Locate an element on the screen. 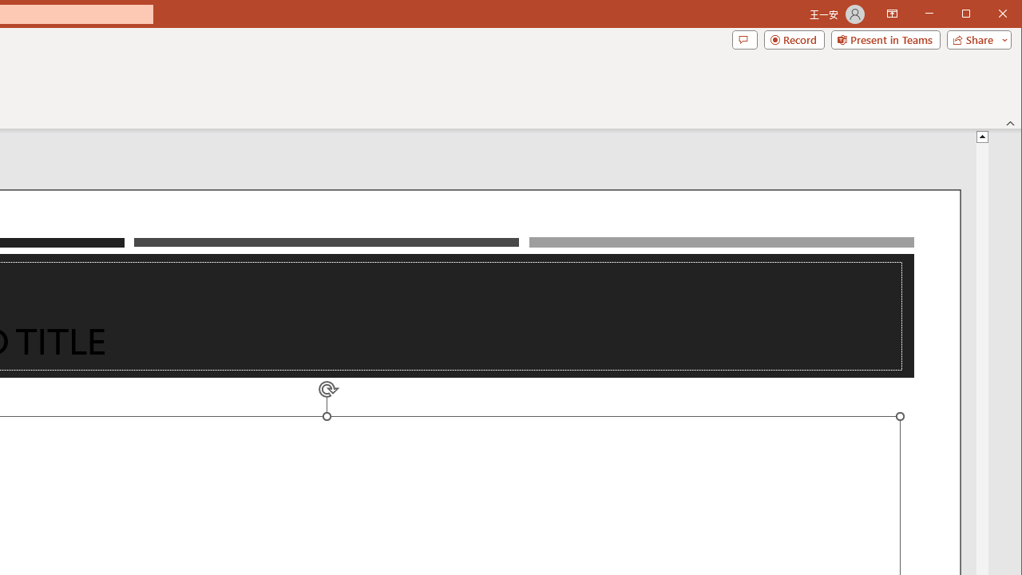  'Line up' is located at coordinates (981, 135).